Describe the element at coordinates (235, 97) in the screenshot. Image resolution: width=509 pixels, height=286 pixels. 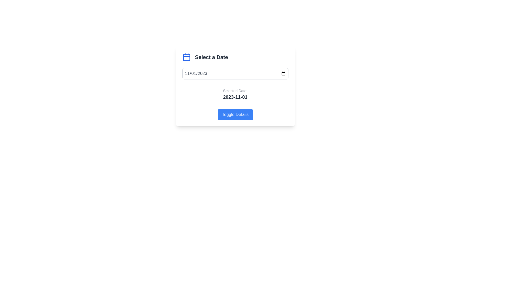
I see `the static text label displaying '2023-11-01' which is styled in bold and larger font, located beneath 'Selected Date:' and centered horizontally` at that location.